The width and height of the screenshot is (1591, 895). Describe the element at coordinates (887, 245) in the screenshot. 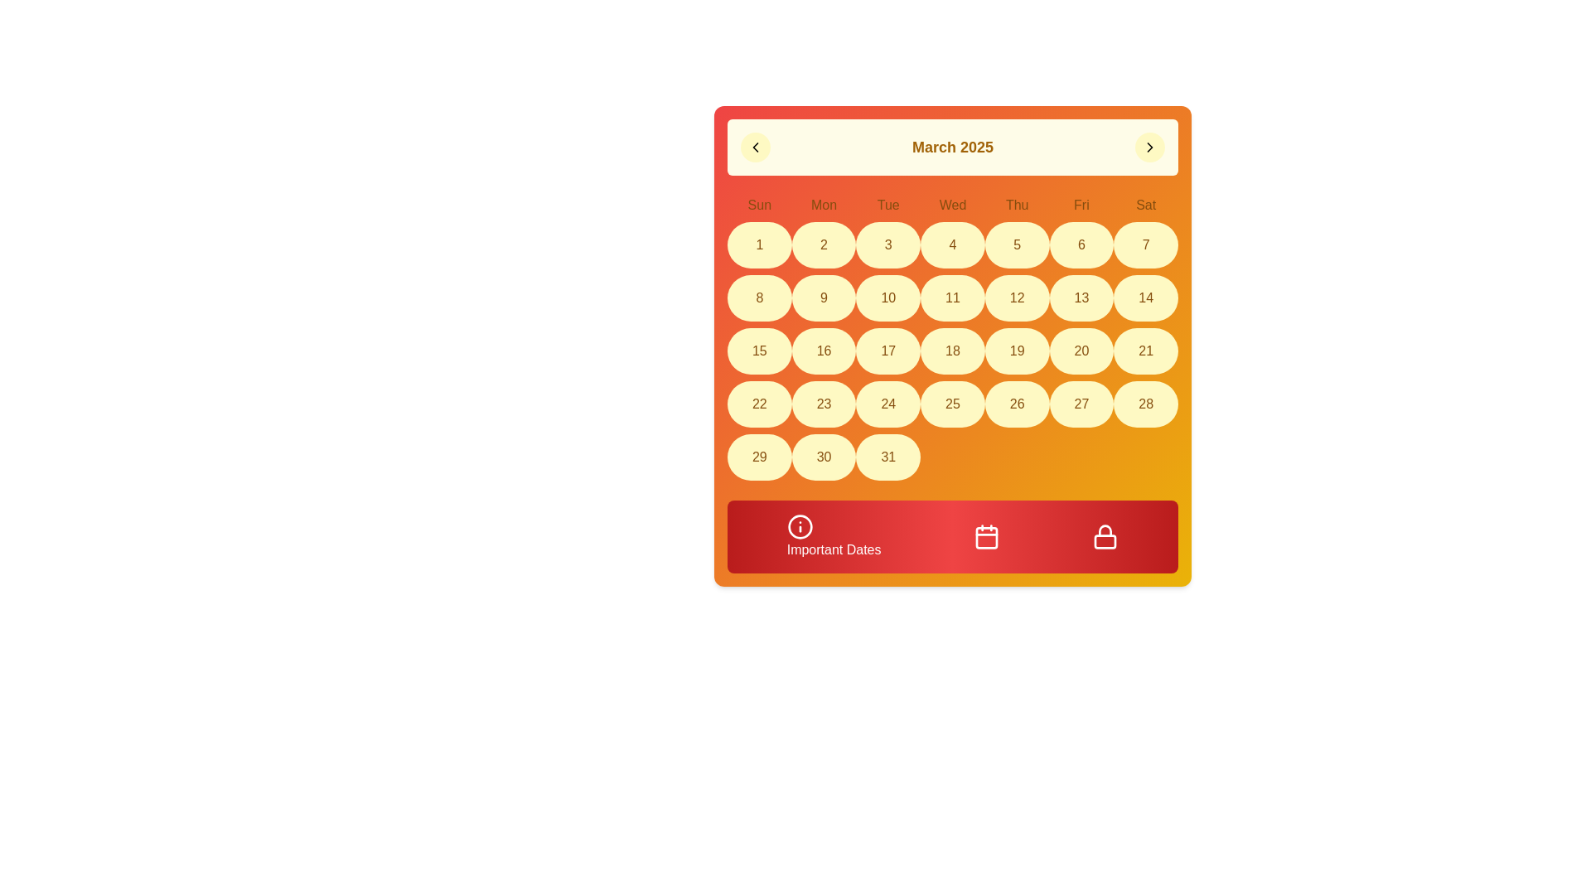

I see `the calendar cell representing the third day of the displayed month, which is the third cell in the first row indicating Tuesday` at that location.